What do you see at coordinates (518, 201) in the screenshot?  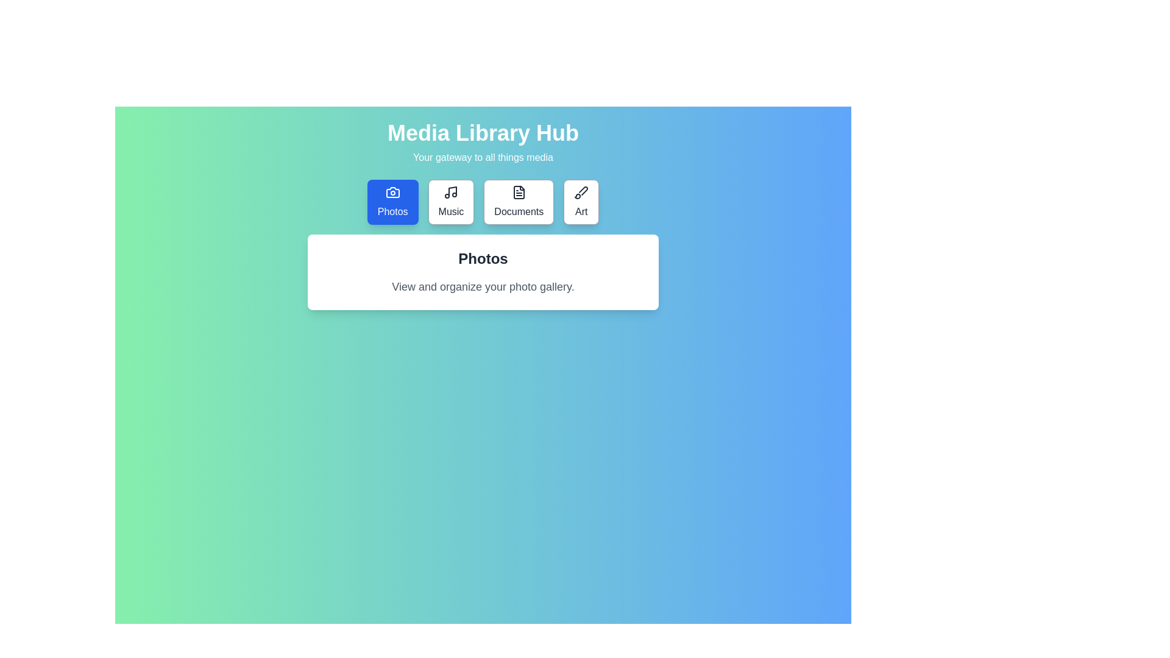 I see `the Documents tab` at bounding box center [518, 201].